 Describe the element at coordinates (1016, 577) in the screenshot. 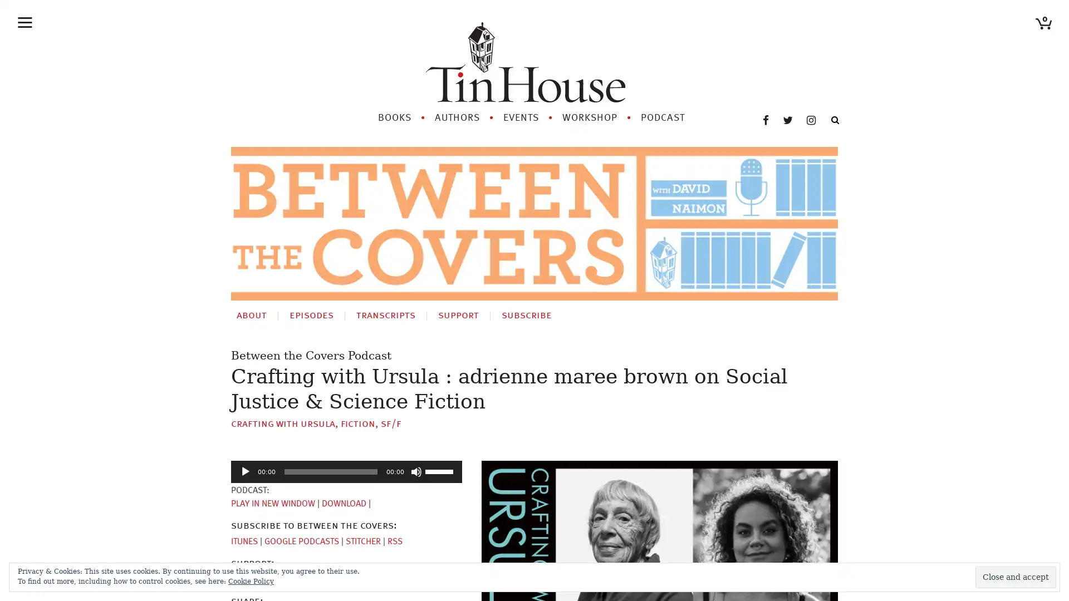

I see `Close and accept` at that location.